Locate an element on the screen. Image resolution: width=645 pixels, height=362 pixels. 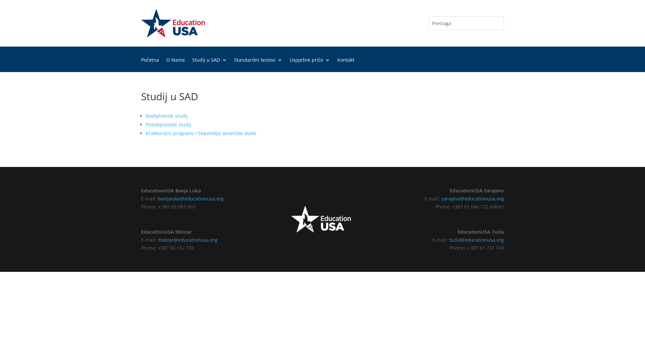
'O Nama' is located at coordinates (166, 65).